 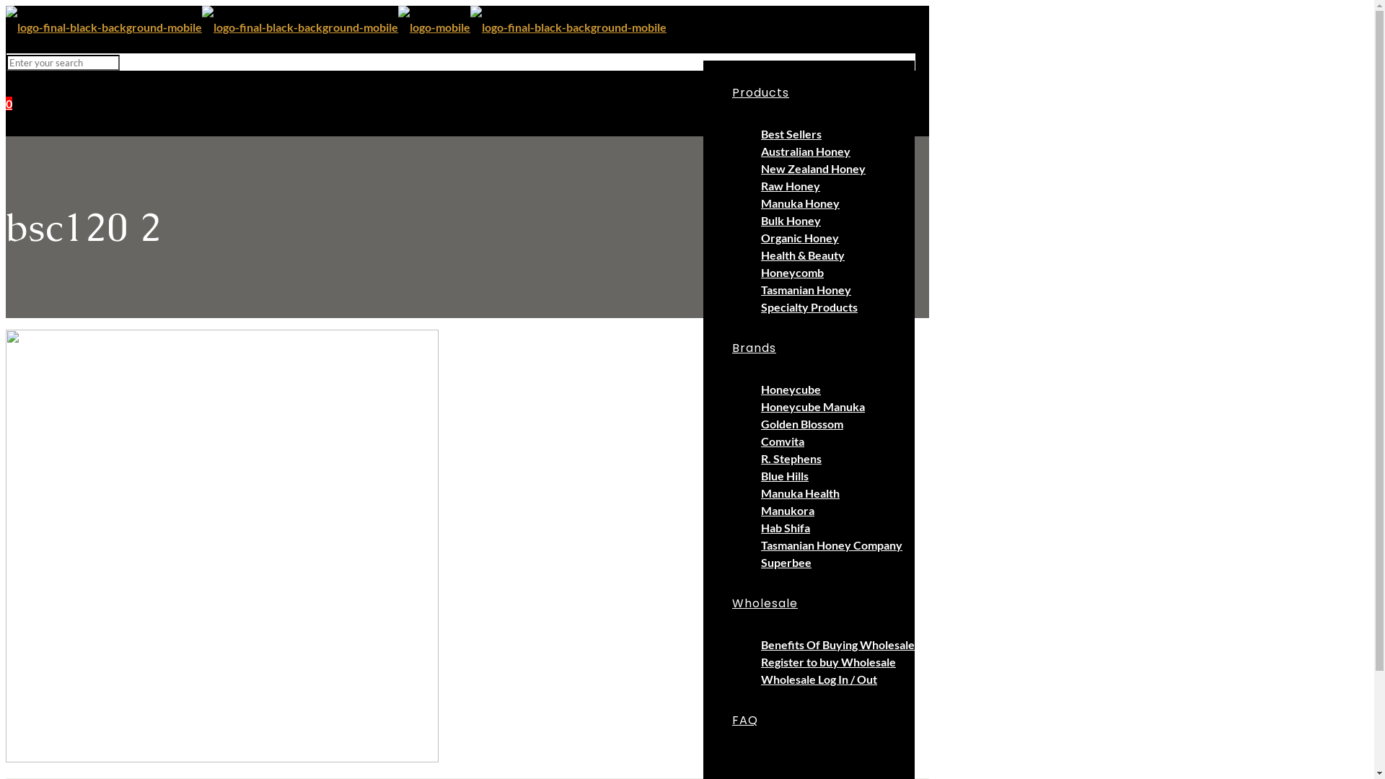 What do you see at coordinates (799, 237) in the screenshot?
I see `'Organic Honey'` at bounding box center [799, 237].